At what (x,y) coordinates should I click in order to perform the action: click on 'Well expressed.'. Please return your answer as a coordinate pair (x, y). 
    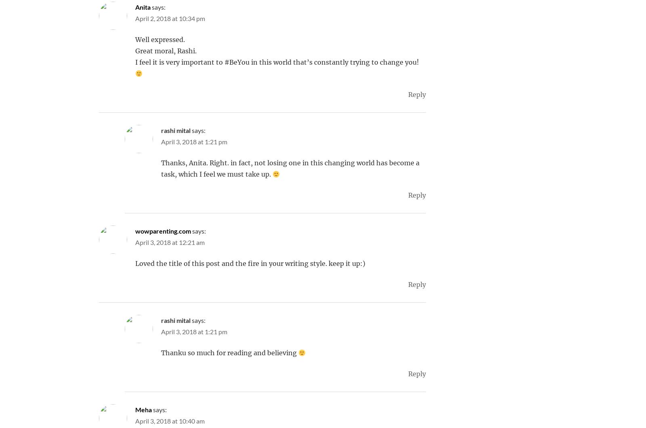
    Looking at the image, I should click on (160, 39).